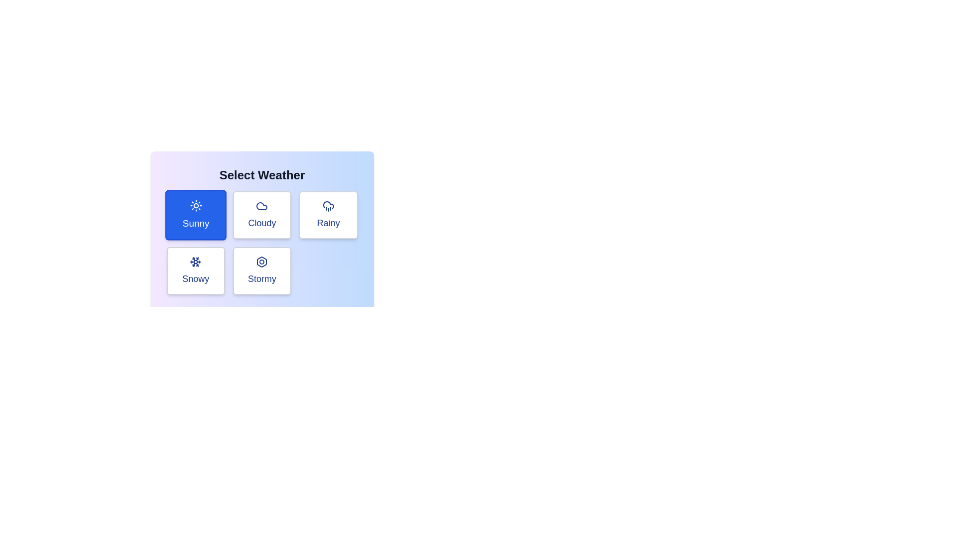 The height and width of the screenshot is (538, 956). Describe the element at coordinates (262, 174) in the screenshot. I see `the 'Select Weather' header text, which is styled in bold and located at the top of the panel, above the grid of weather options` at that location.